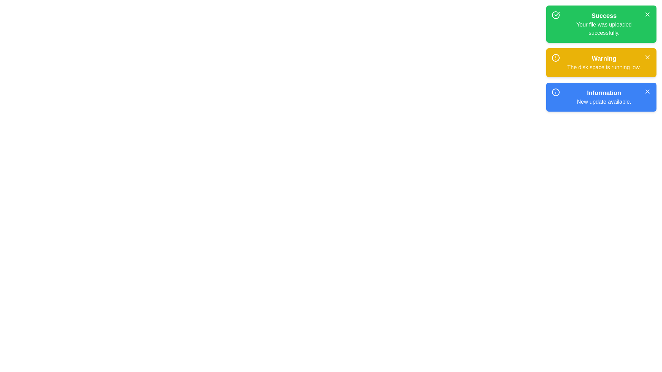 This screenshot has width=662, height=372. Describe the element at coordinates (647, 14) in the screenshot. I see `dismiss button for the notification with title 'Success'` at that location.